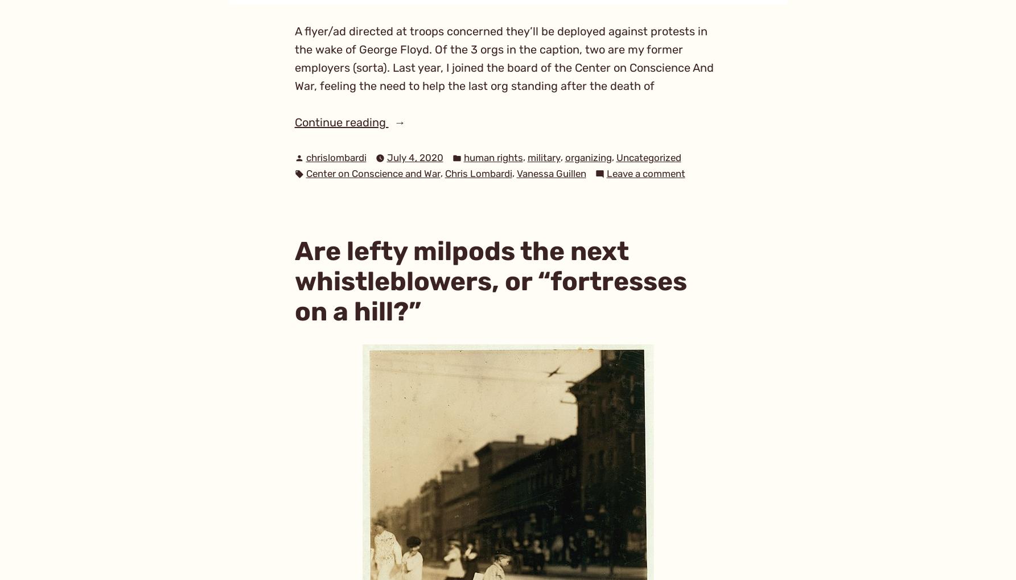 The width and height of the screenshot is (1016, 580). Describe the element at coordinates (587, 157) in the screenshot. I see `'organizing'` at that location.